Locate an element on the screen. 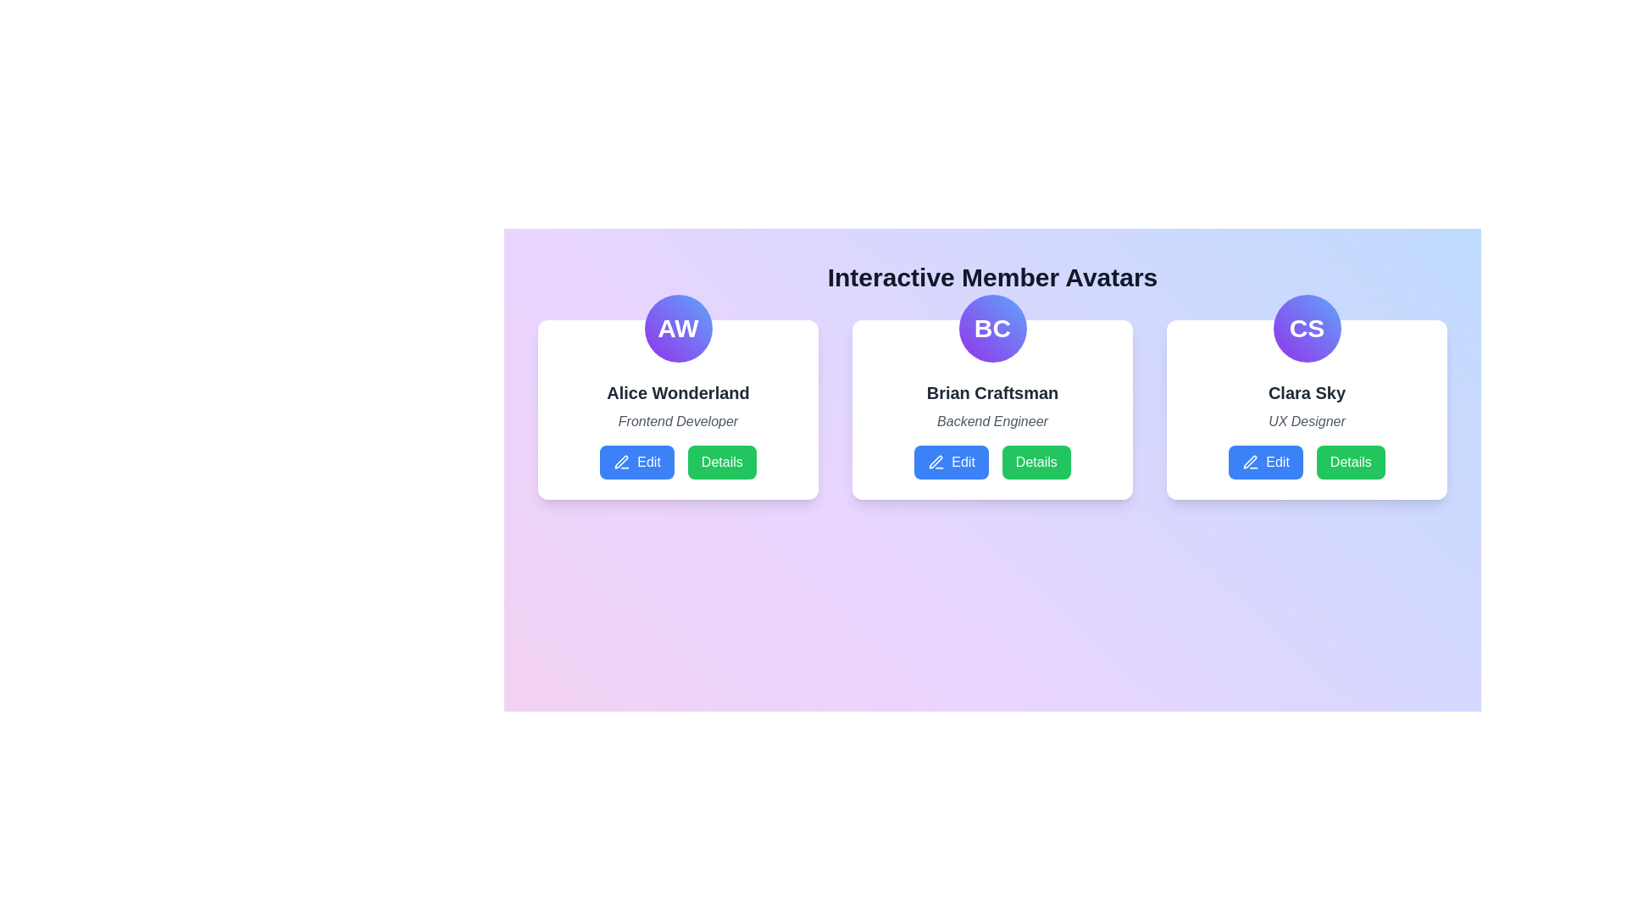 This screenshot has height=915, width=1627. the circular Avatar Badge representing the 'Clara Sky' profile, located at the top center of the rightmost card is located at coordinates (1306, 329).